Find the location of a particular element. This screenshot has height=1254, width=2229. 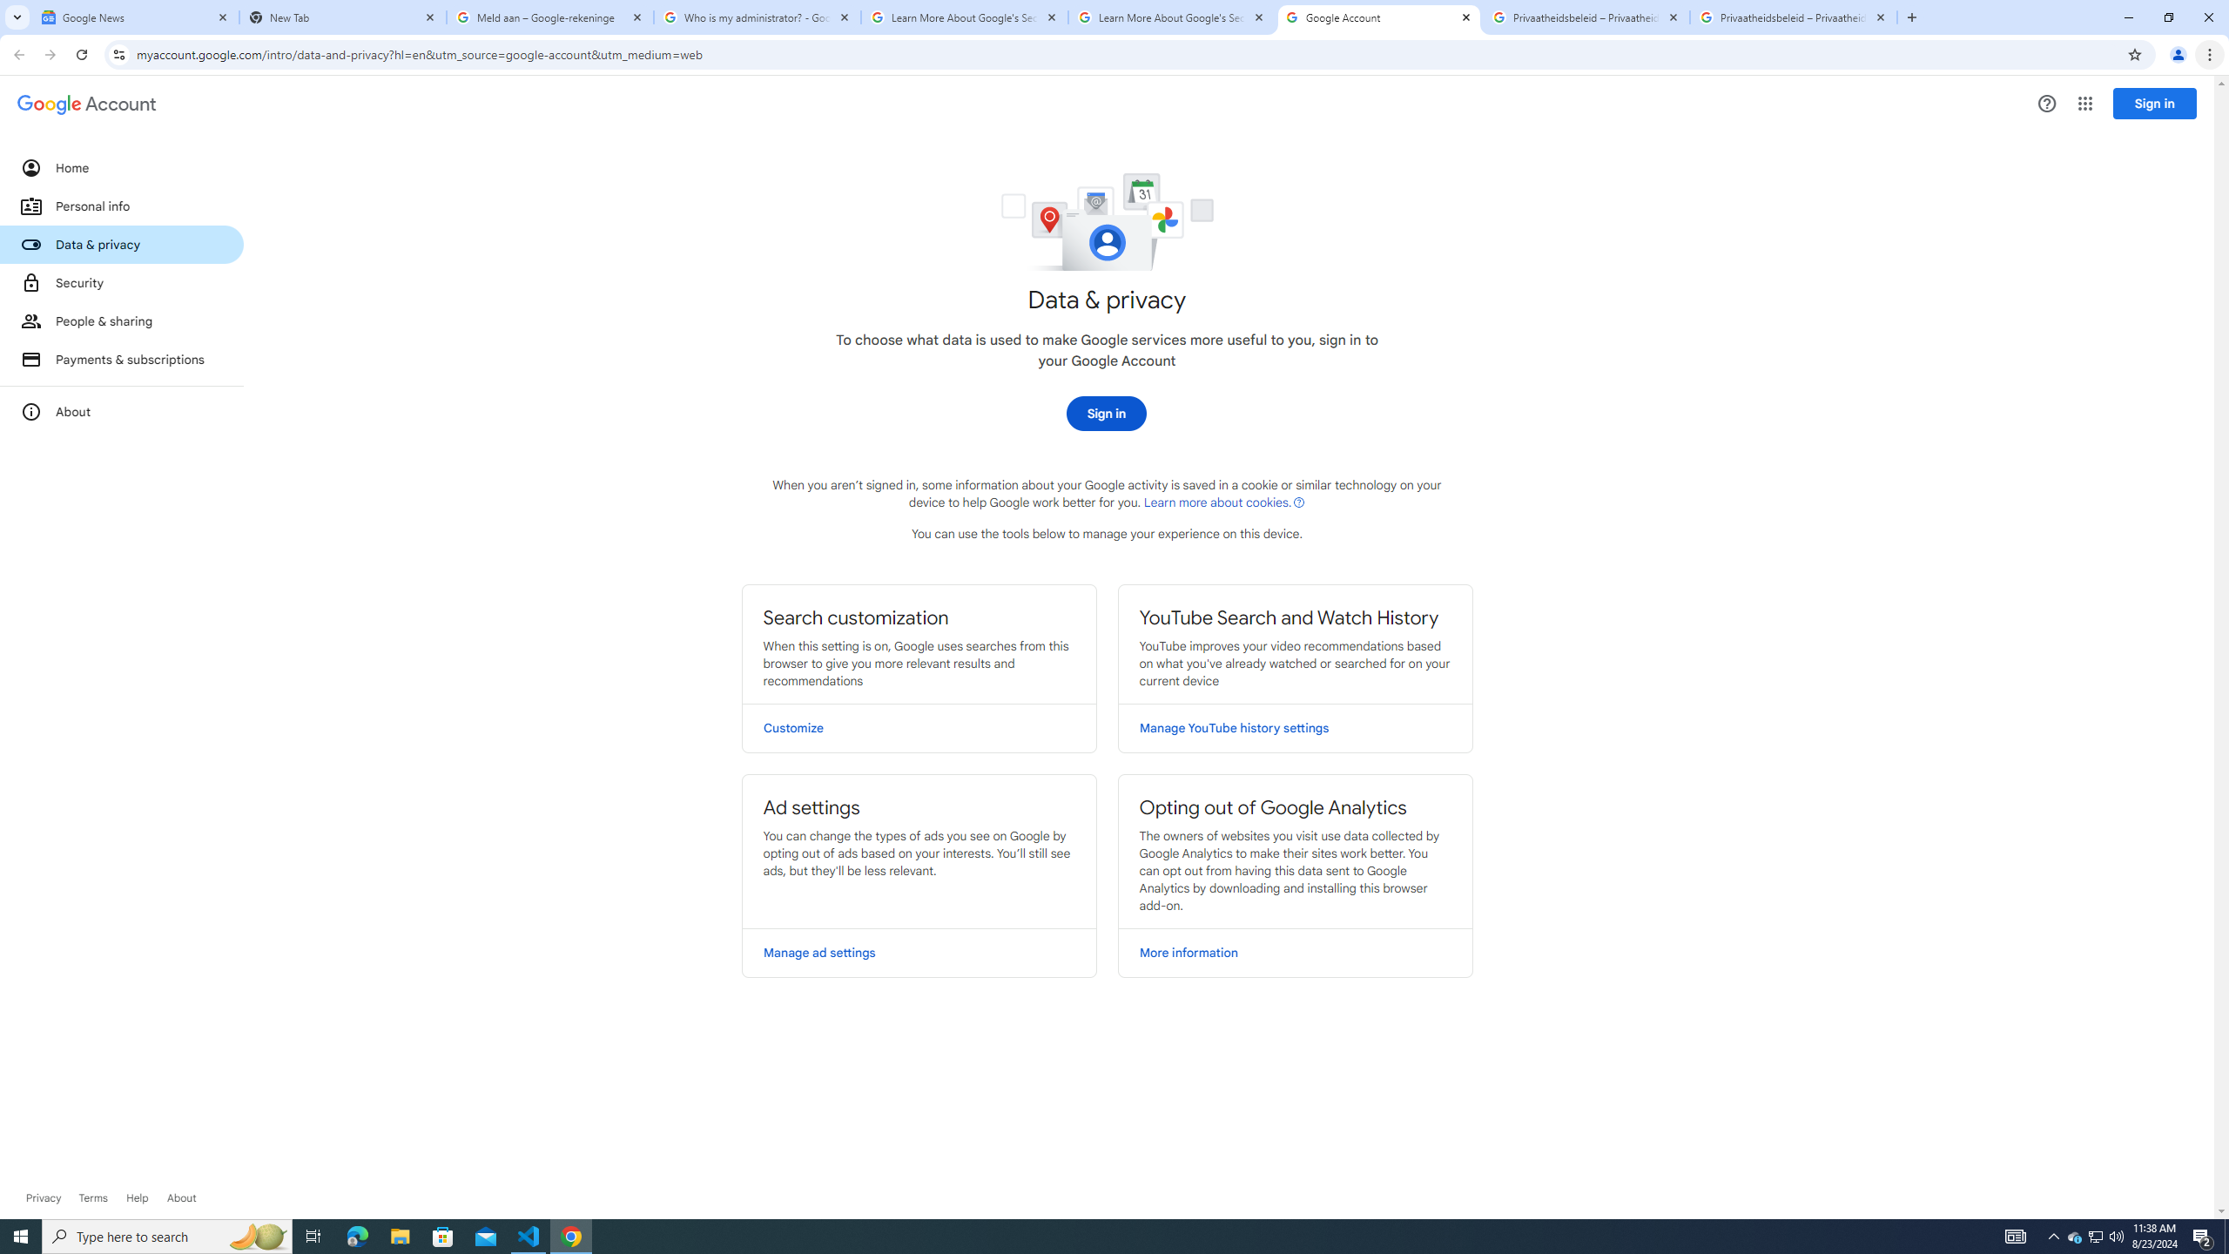

'Home' is located at coordinates (120, 166).